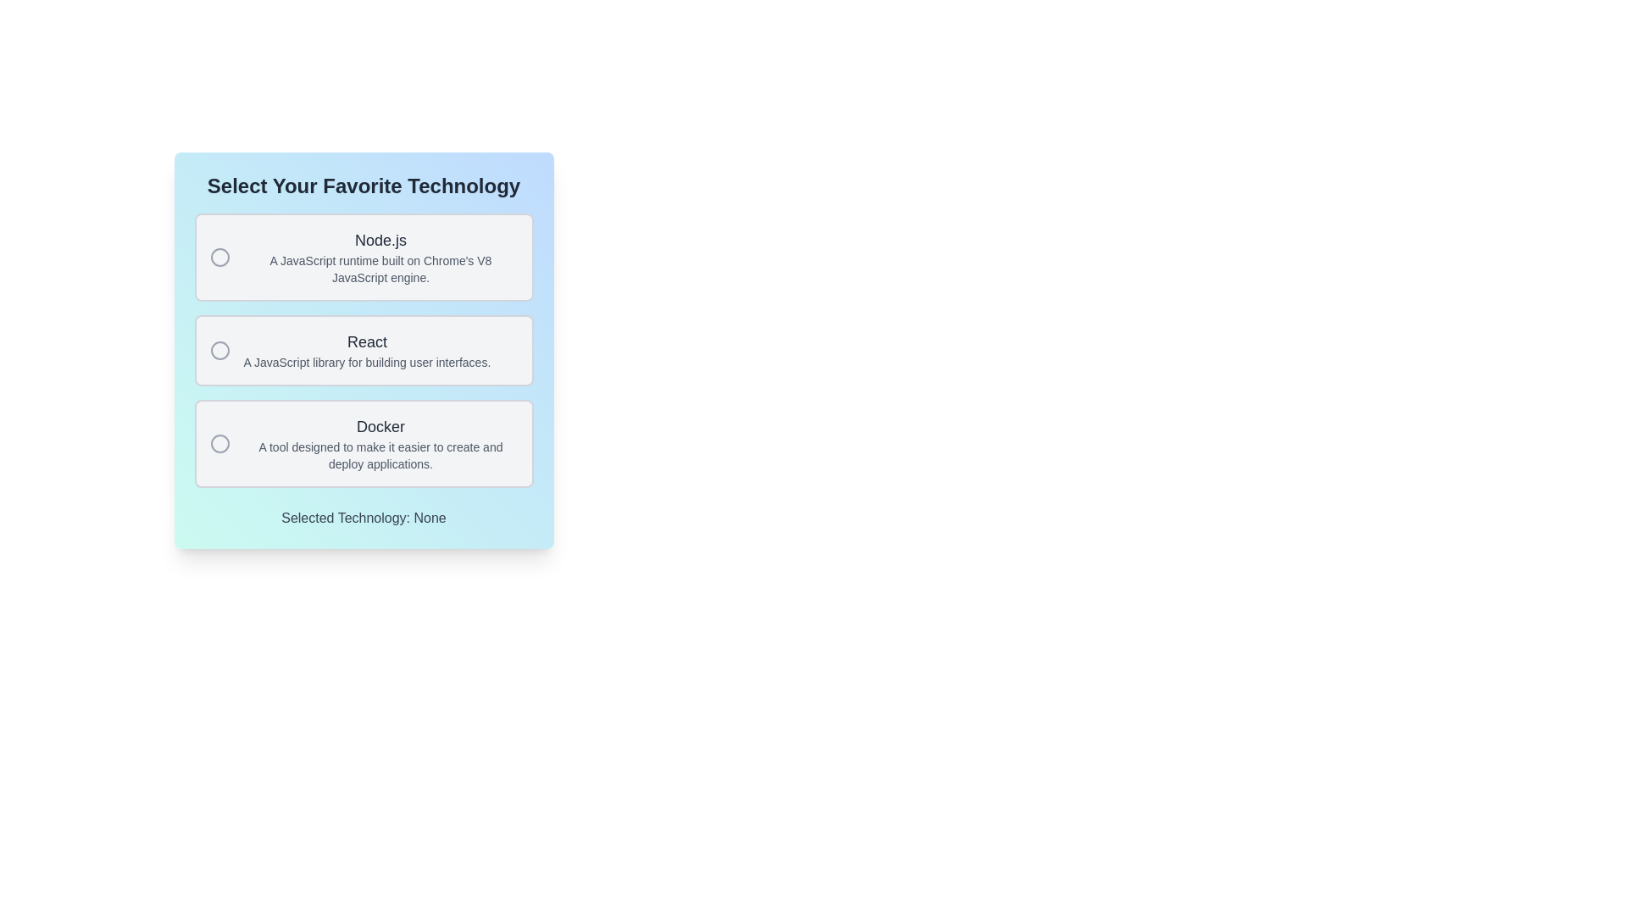 Image resolution: width=1627 pixels, height=915 pixels. Describe the element at coordinates (363, 443) in the screenshot. I see `the third selectable list item which represents 'Docker' in the technology options` at that location.